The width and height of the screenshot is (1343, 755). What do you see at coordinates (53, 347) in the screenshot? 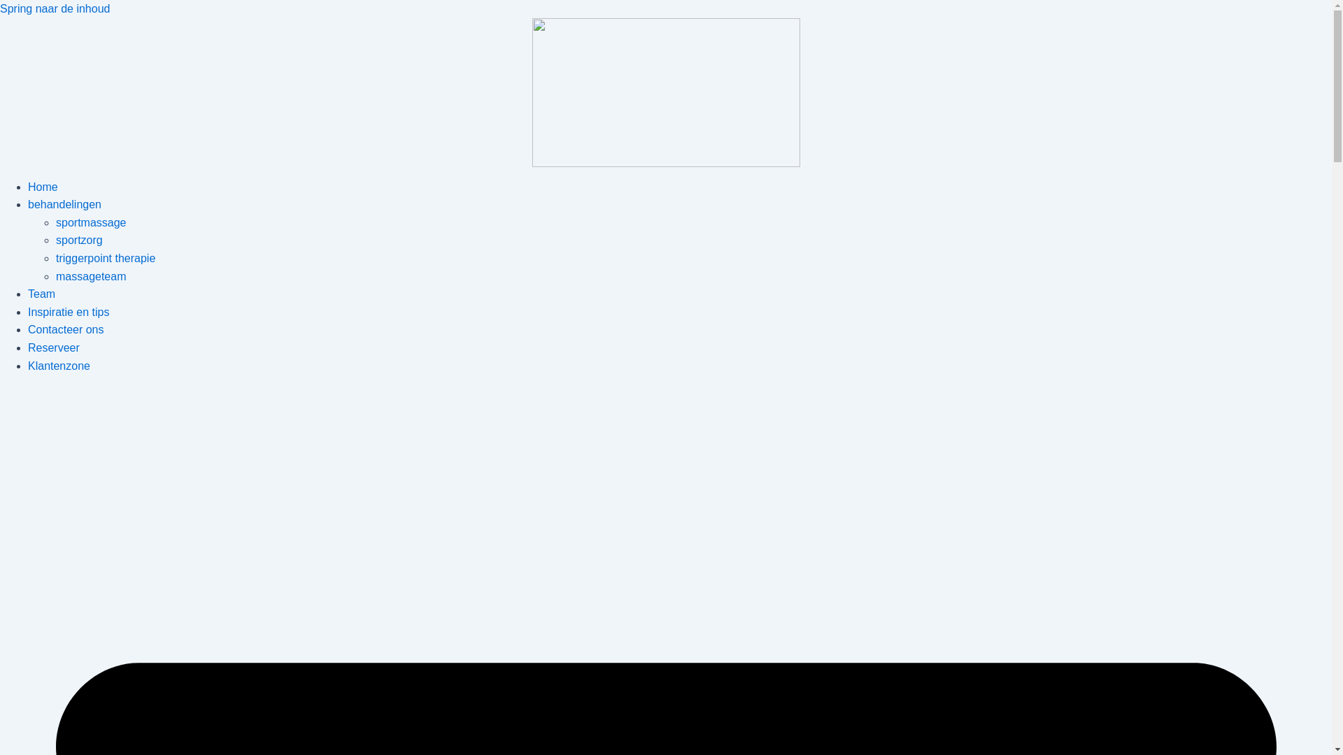
I see `'Reserveer'` at bounding box center [53, 347].